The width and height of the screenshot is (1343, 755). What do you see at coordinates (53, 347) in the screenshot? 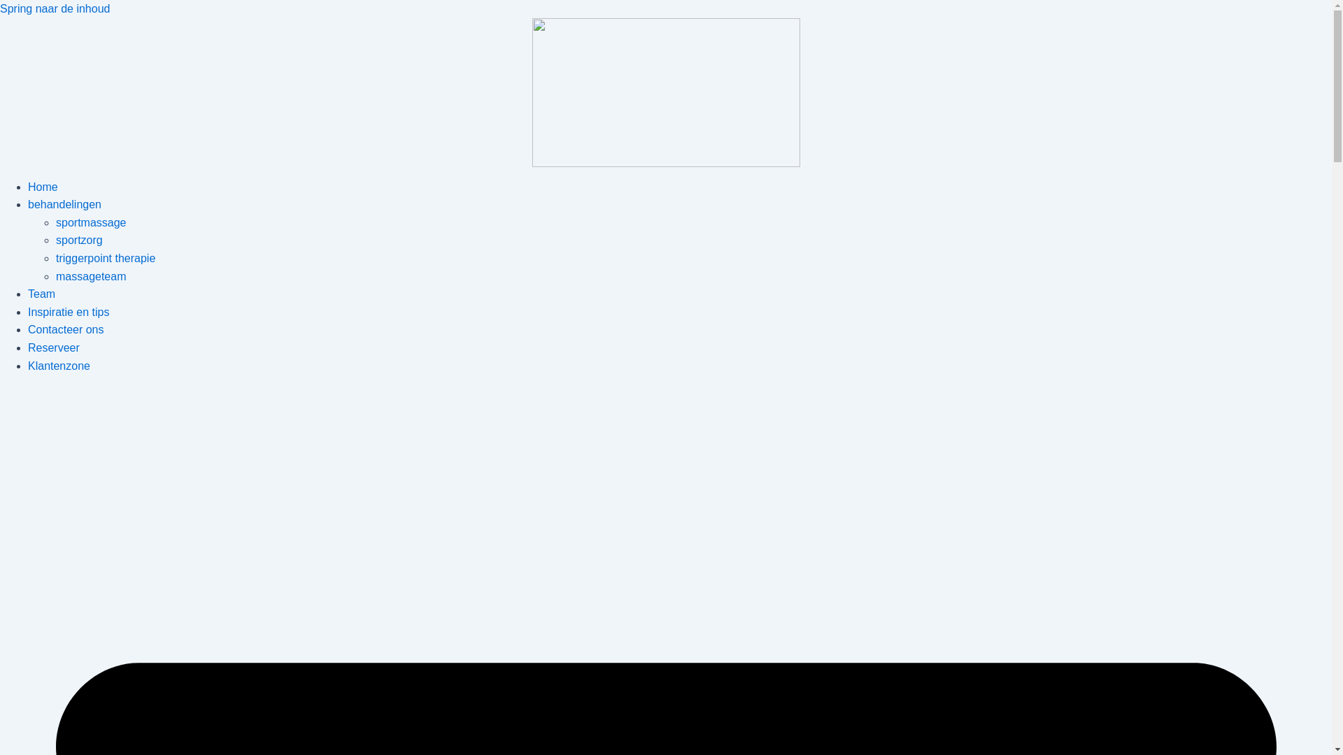
I see `'Reserveer'` at bounding box center [53, 347].